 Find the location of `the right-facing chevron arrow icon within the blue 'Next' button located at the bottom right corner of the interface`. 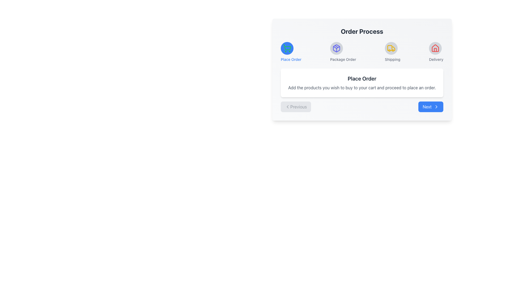

the right-facing chevron arrow icon within the blue 'Next' button located at the bottom right corner of the interface is located at coordinates (436, 107).